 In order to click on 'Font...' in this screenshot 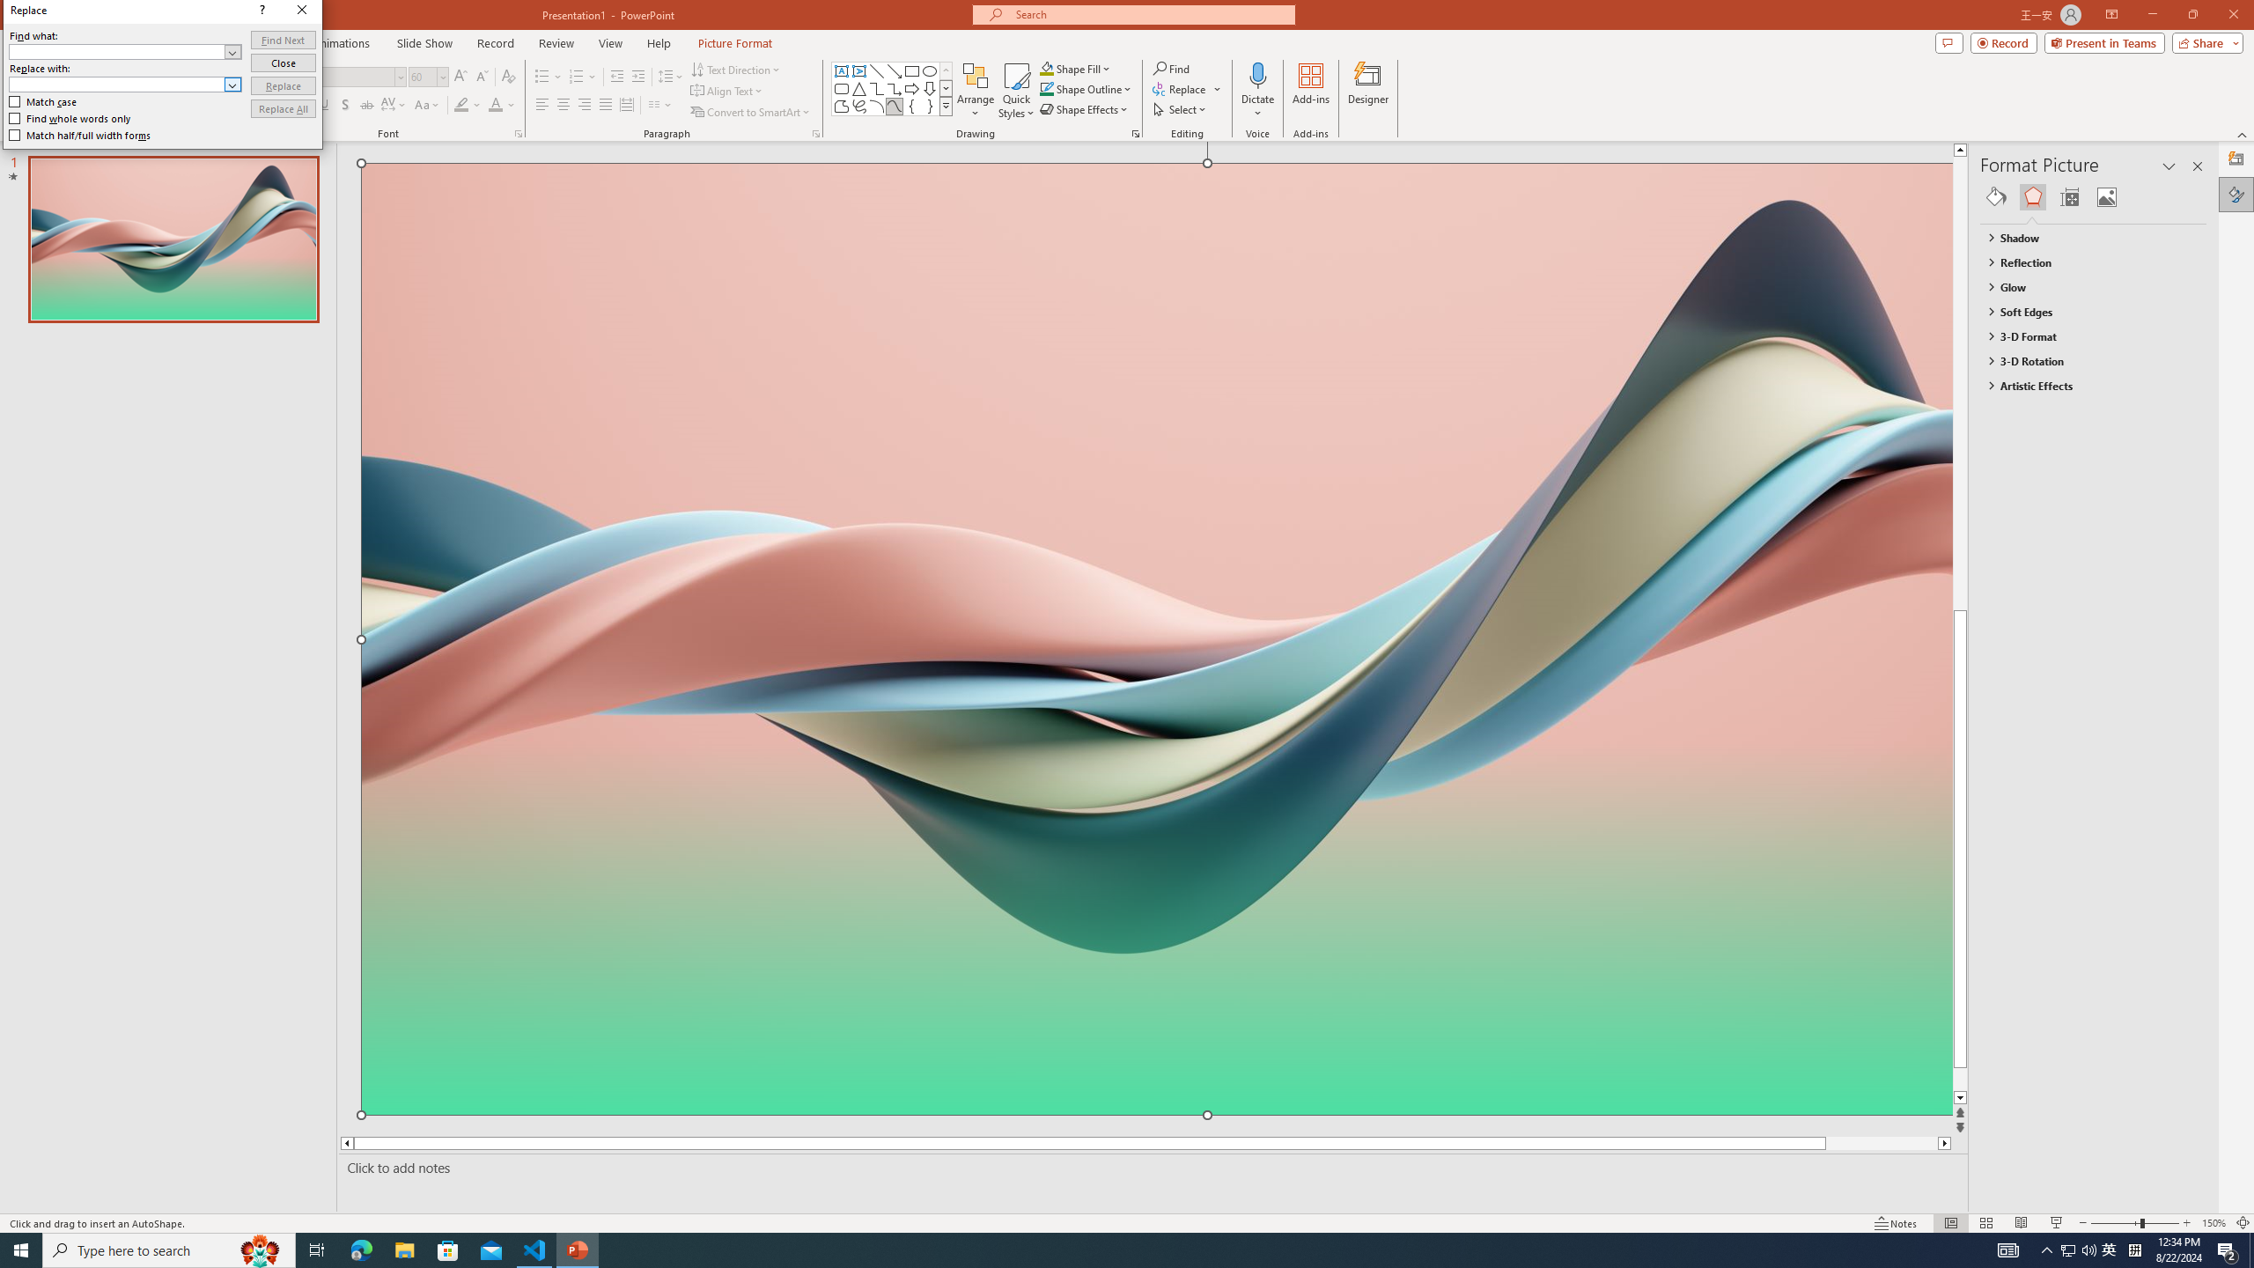, I will do `click(517, 132)`.